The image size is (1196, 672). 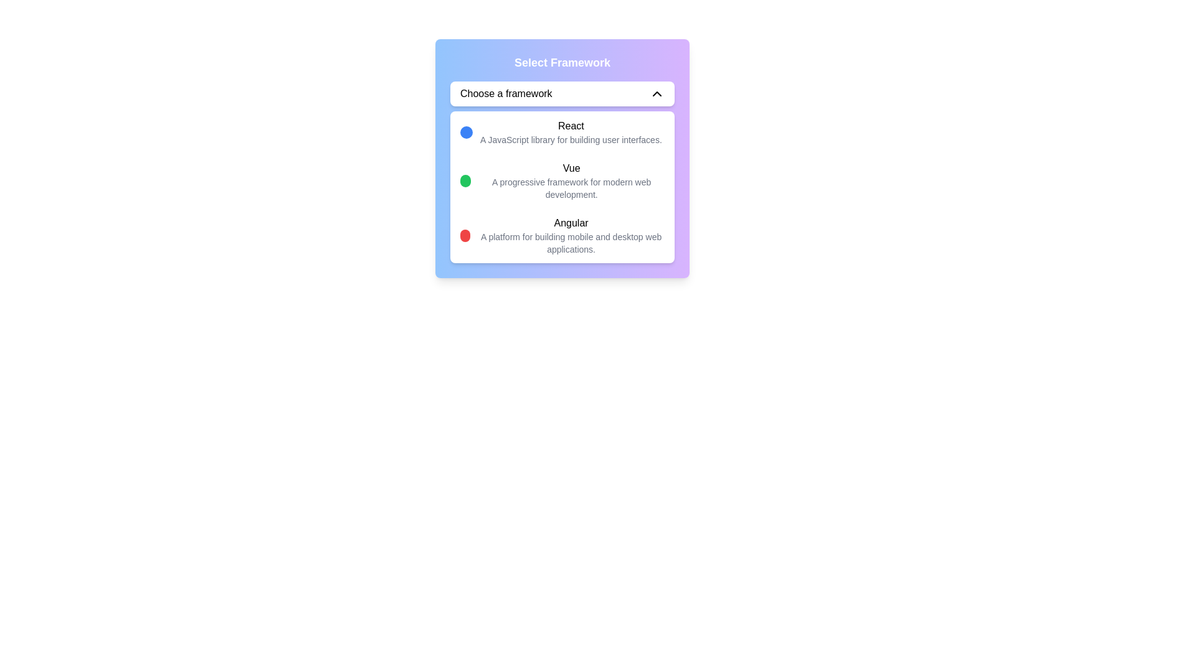 What do you see at coordinates (561, 157) in the screenshot?
I see `the dropdown selector titled 'Choose a framework' in the 'Select Framework' dropdown element` at bounding box center [561, 157].